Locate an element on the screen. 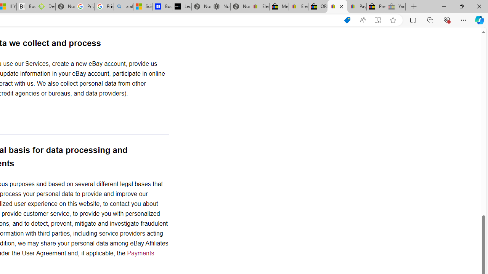  'Press Room - eBay Inc.' is located at coordinates (376, 6).